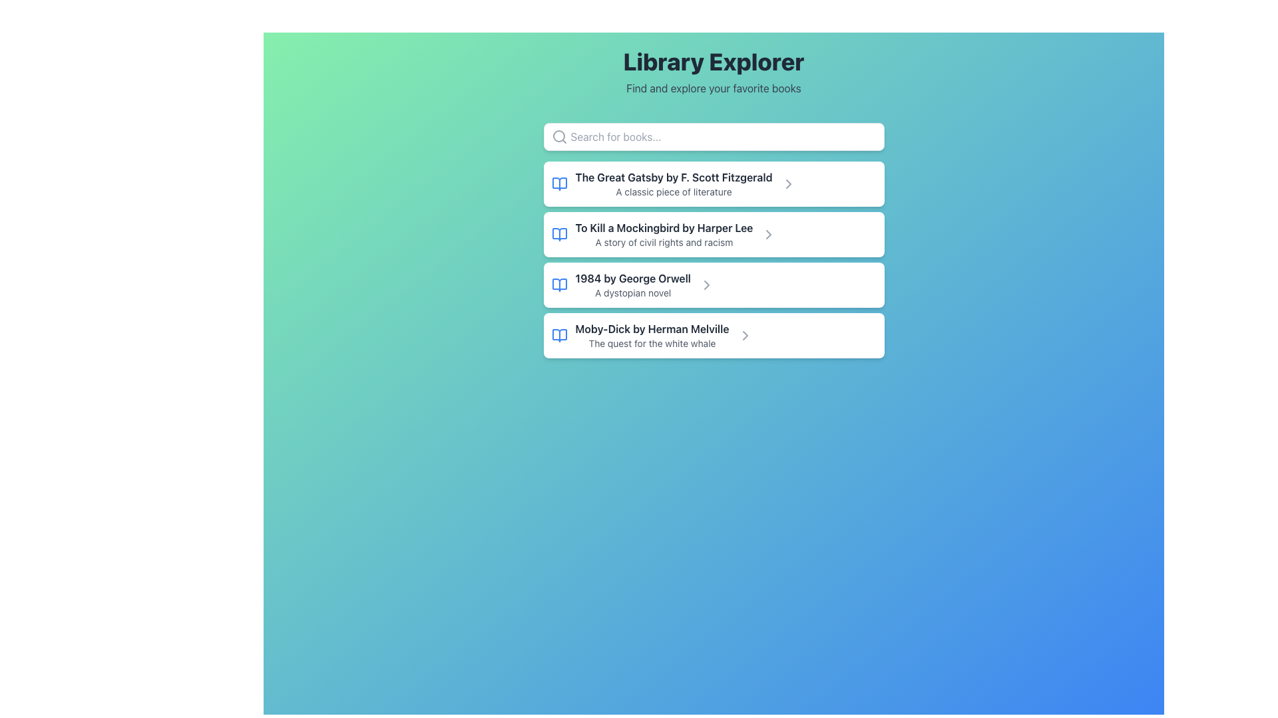 The width and height of the screenshot is (1278, 718). What do you see at coordinates (632, 278) in the screenshot?
I see `title text '1984 by George Orwell' located in the third row of the book list, which is positioned directly above the description 'A dystopian novel' and below 'To Kill a Mockingbird by Harper Lee'` at bounding box center [632, 278].